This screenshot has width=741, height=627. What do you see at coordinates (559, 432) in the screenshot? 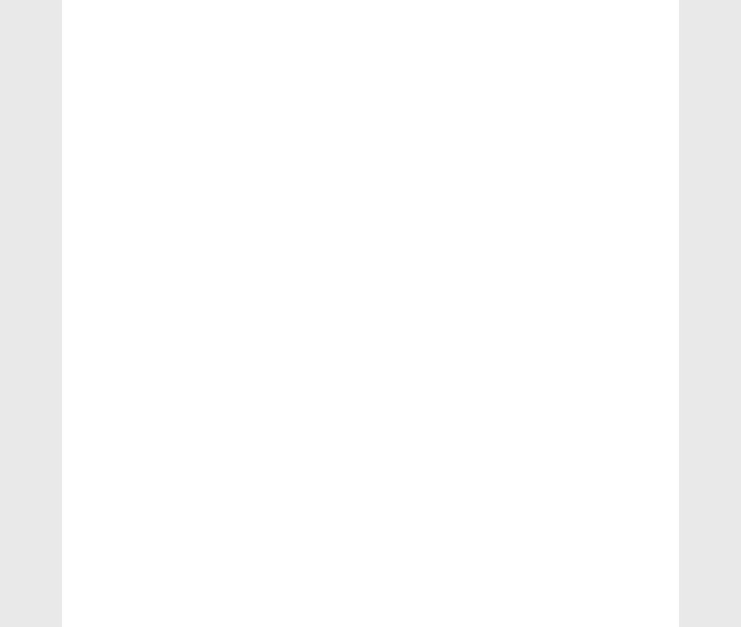
I see `'Linear algebra'` at bounding box center [559, 432].